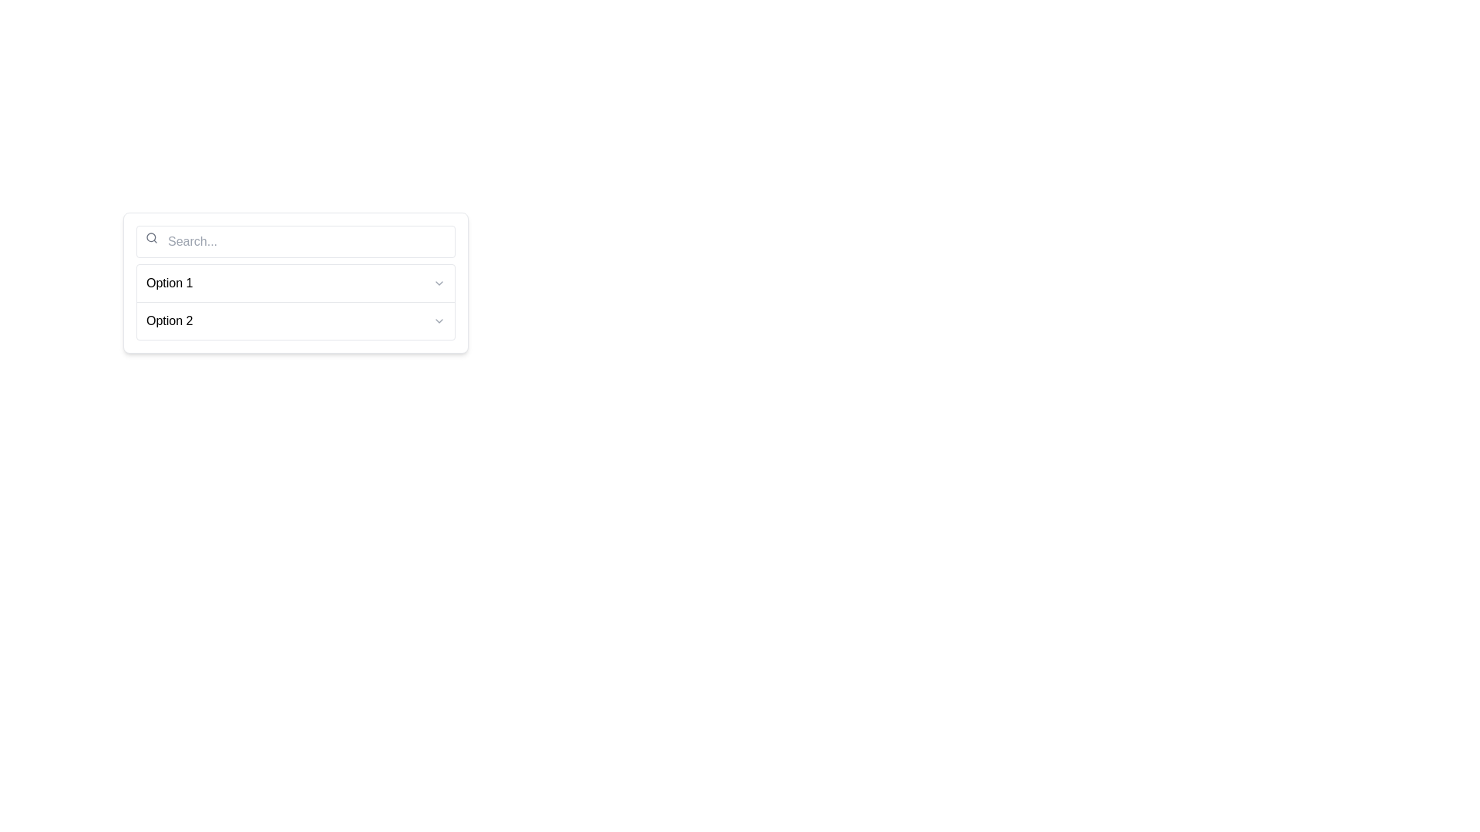 Image resolution: width=1480 pixels, height=832 pixels. I want to click on the dropdown chevron indicator icon located near the right edge of 'Option 2', so click(439, 320).